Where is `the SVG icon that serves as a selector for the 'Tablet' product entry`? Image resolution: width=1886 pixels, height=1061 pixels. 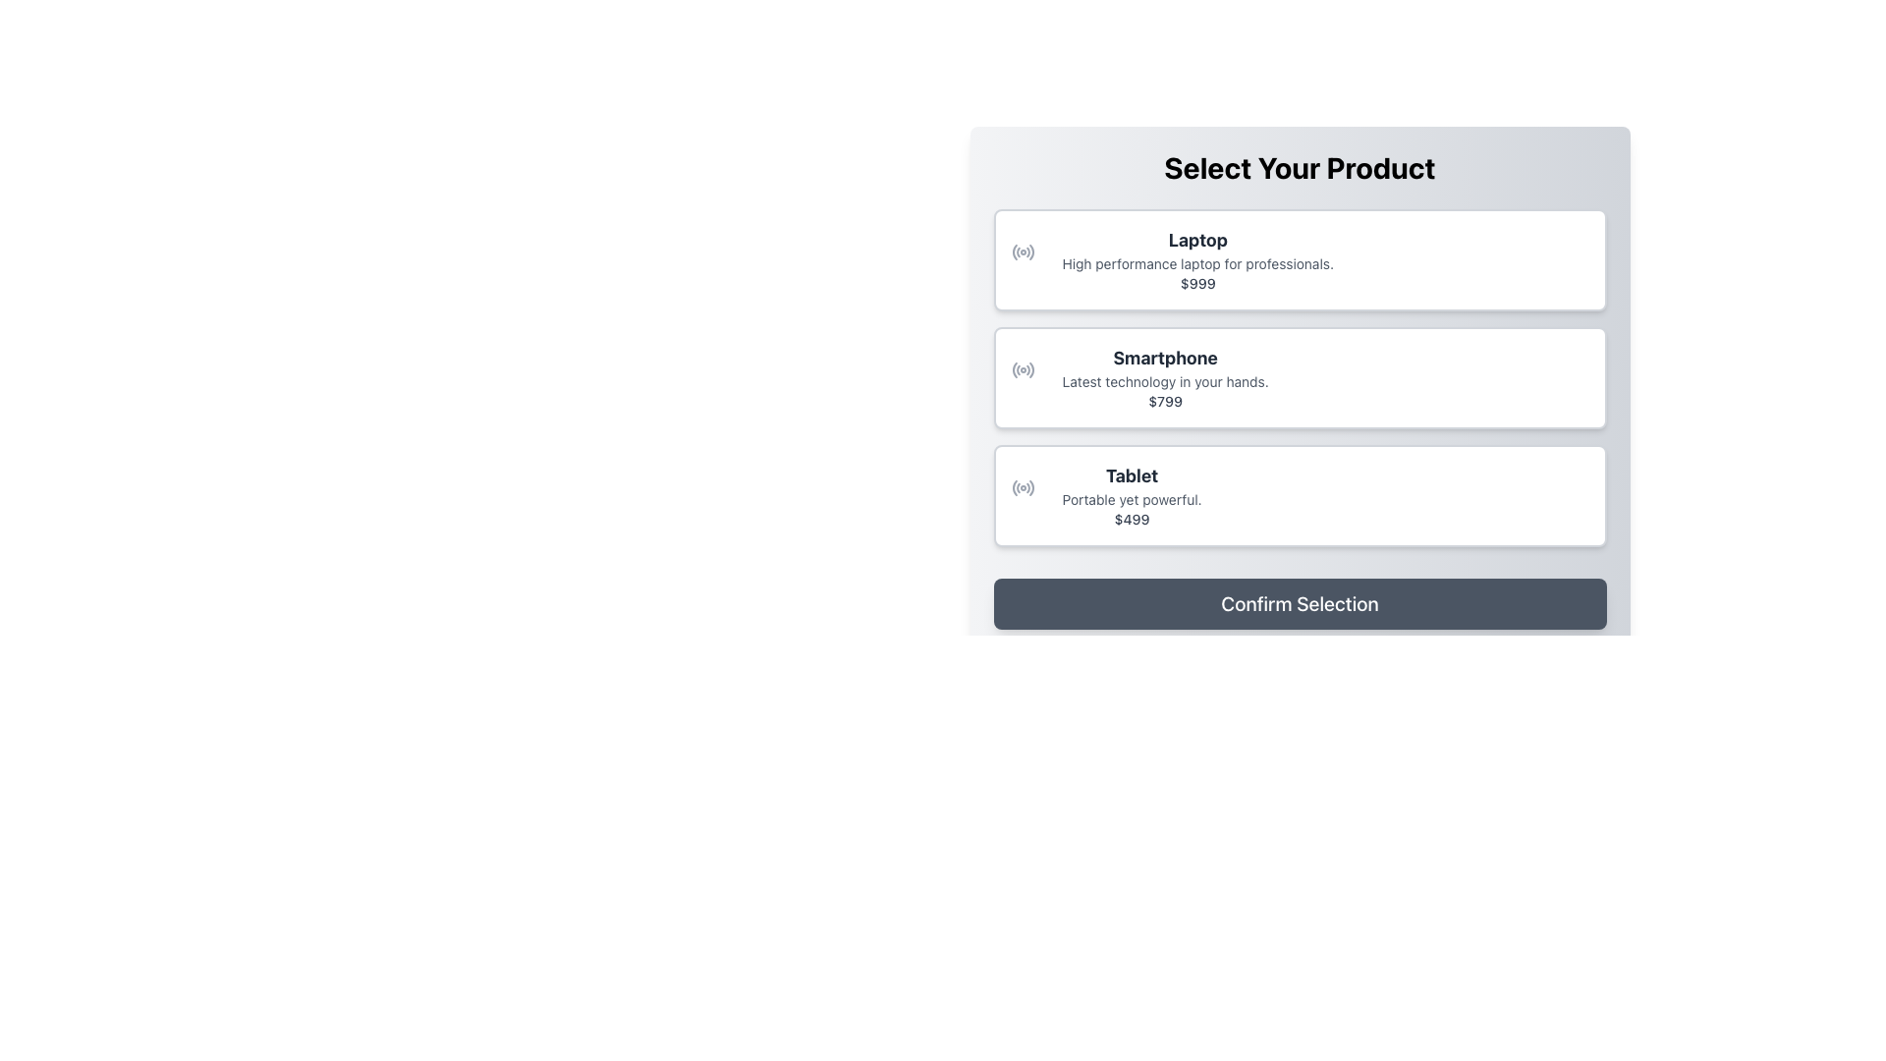
the SVG icon that serves as a selector for the 'Tablet' product entry is located at coordinates (1022, 487).